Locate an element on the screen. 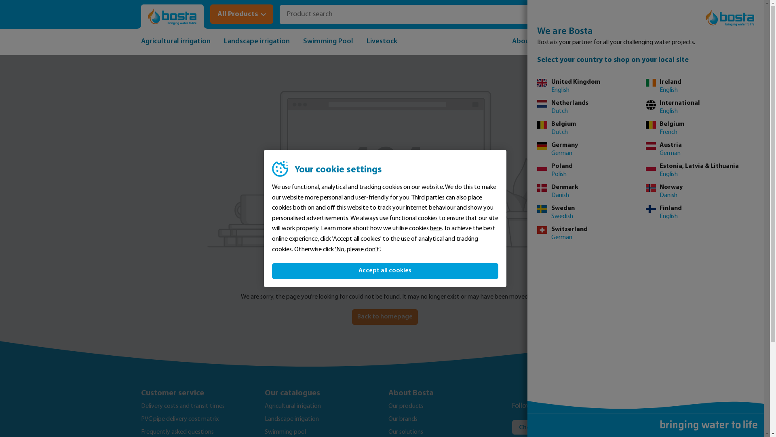 The height and width of the screenshot is (437, 776). 'Frequently asked questions' is located at coordinates (176, 432).